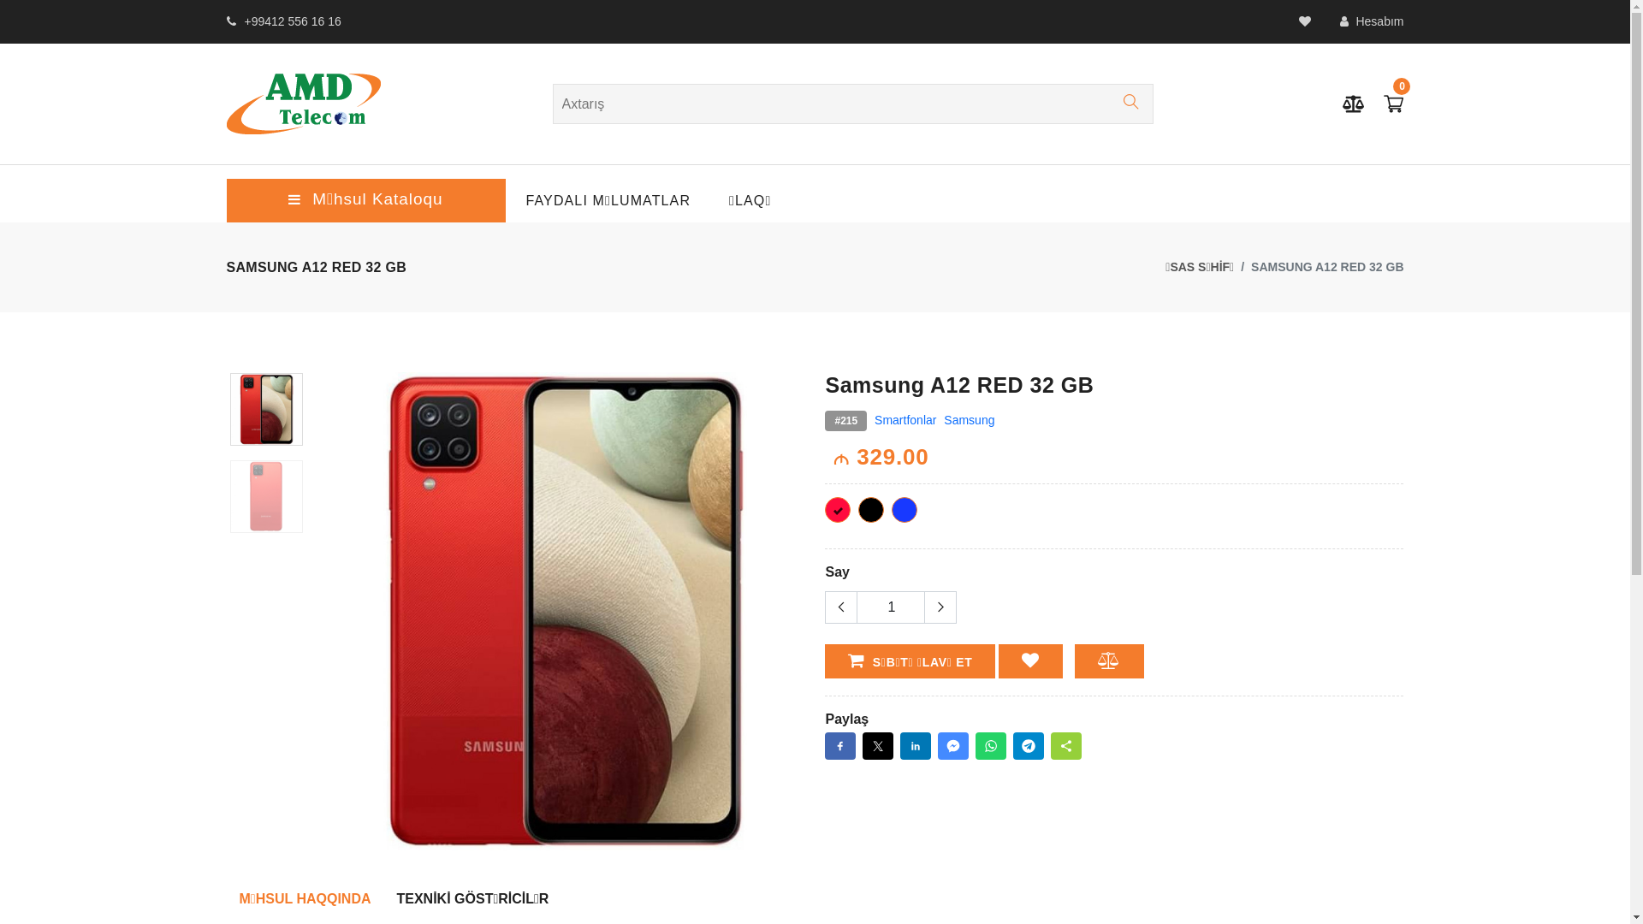 Image resolution: width=1643 pixels, height=924 pixels. I want to click on 'Black', so click(870, 509).